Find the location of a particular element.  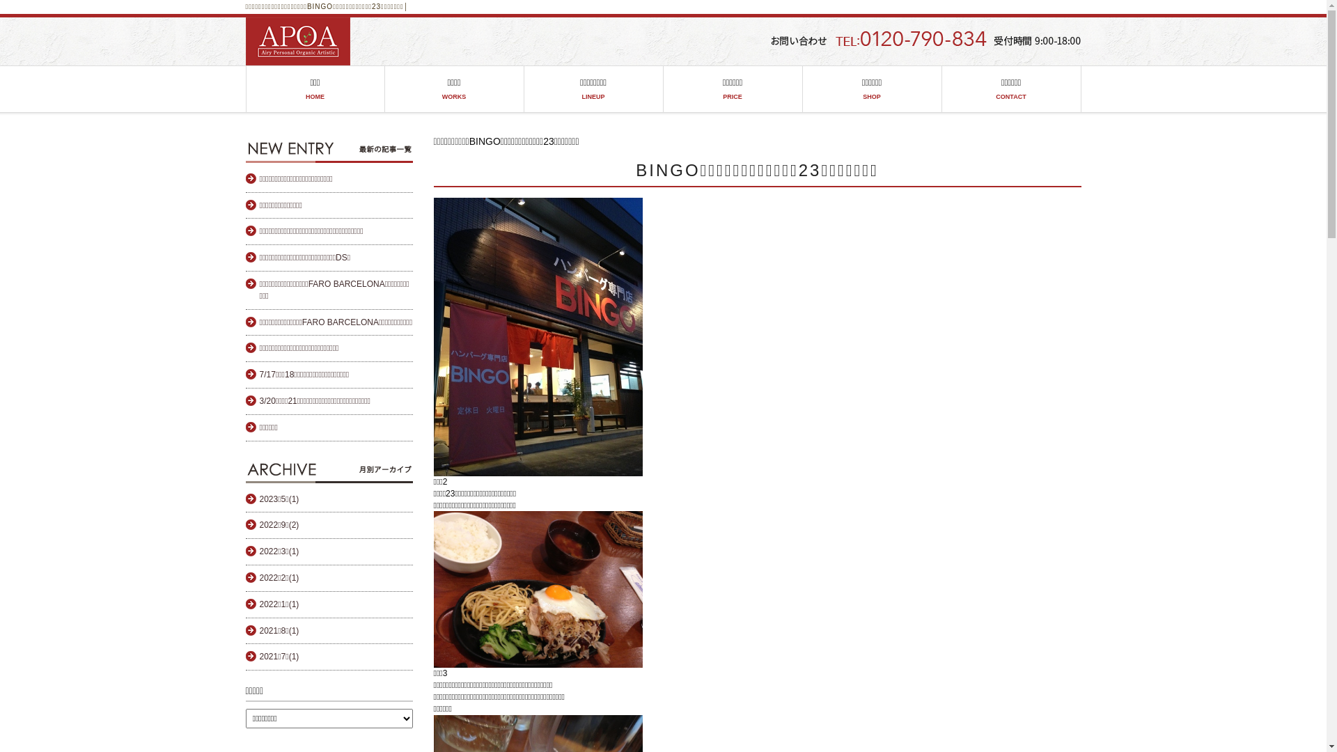

'head_tel' is located at coordinates (923, 37).